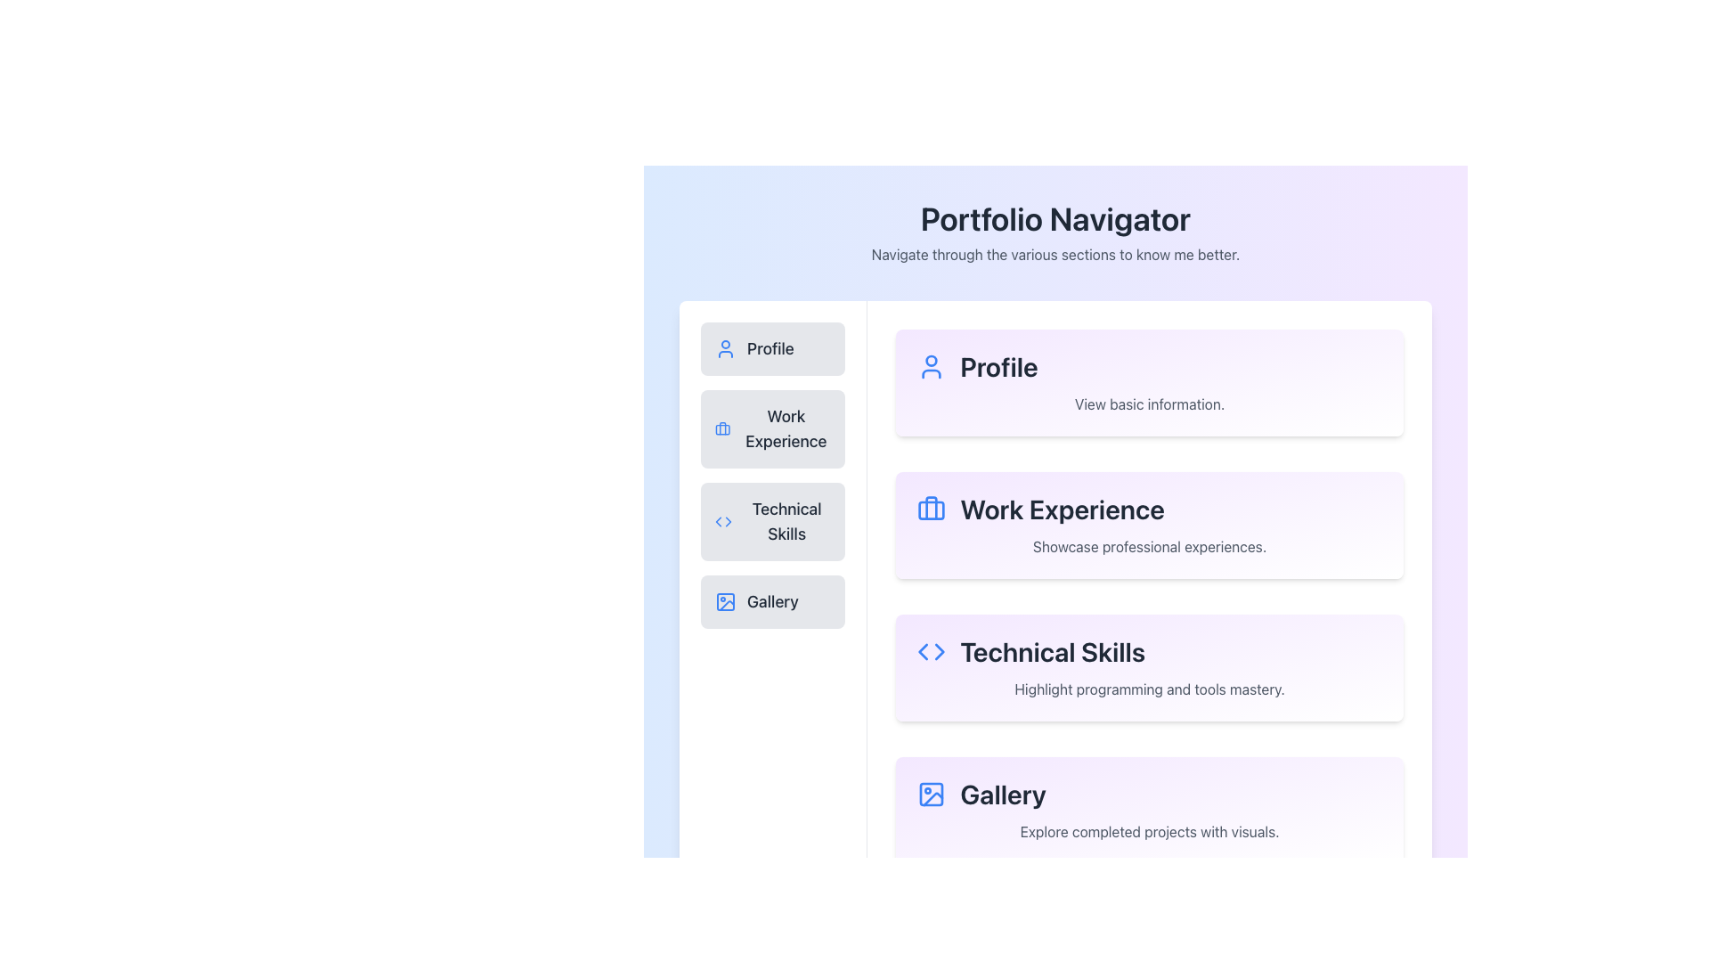 This screenshot has width=1710, height=962. Describe the element at coordinates (773, 429) in the screenshot. I see `the 'Work Experience' navigation button located in the left sidebar, positioned below the 'Profile' button and above the 'Technical Skills' button` at that location.